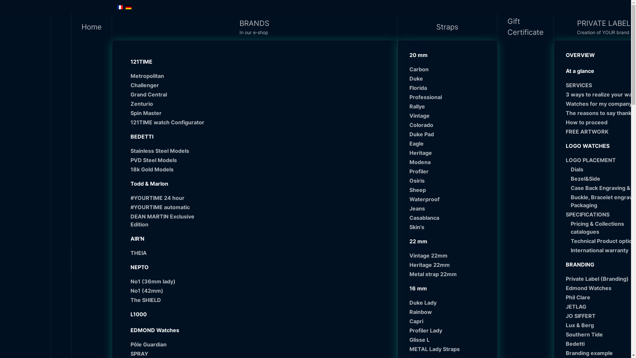 This screenshot has width=636, height=358. What do you see at coordinates (168, 151) in the screenshot?
I see `'Stainless Steel Models'` at bounding box center [168, 151].